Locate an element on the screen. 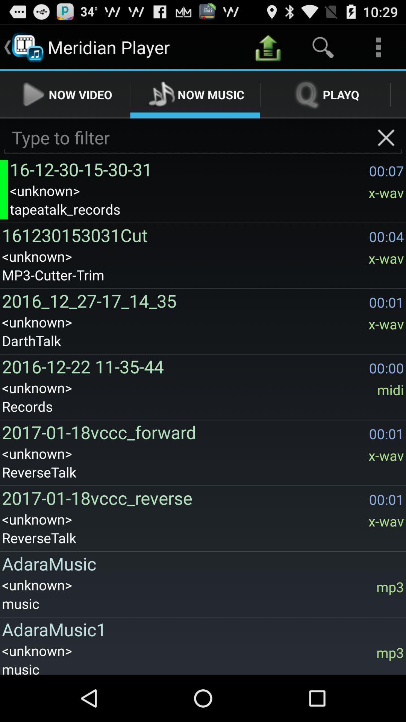 The width and height of the screenshot is (406, 722). the midi item is located at coordinates (390, 390).